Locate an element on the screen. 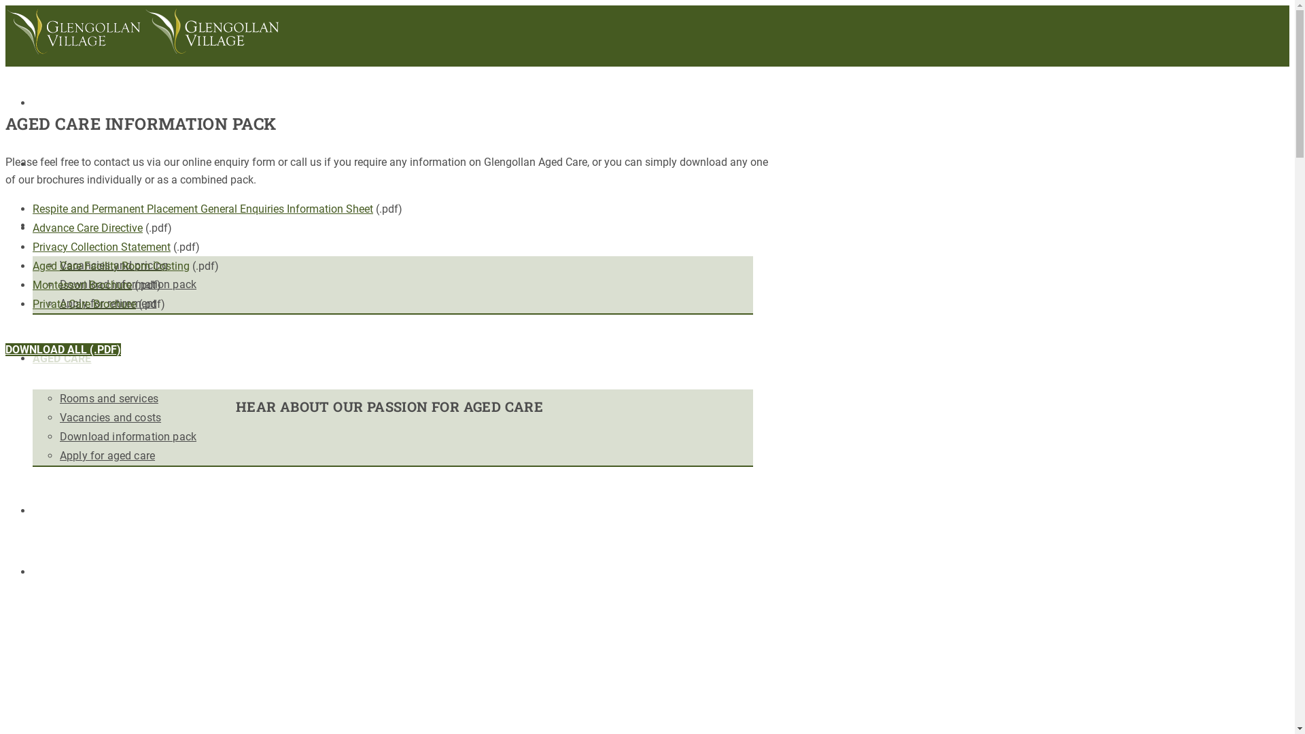 The image size is (1305, 734). 'DOWNLOAD ALL (.PDF)' is located at coordinates (5, 349).